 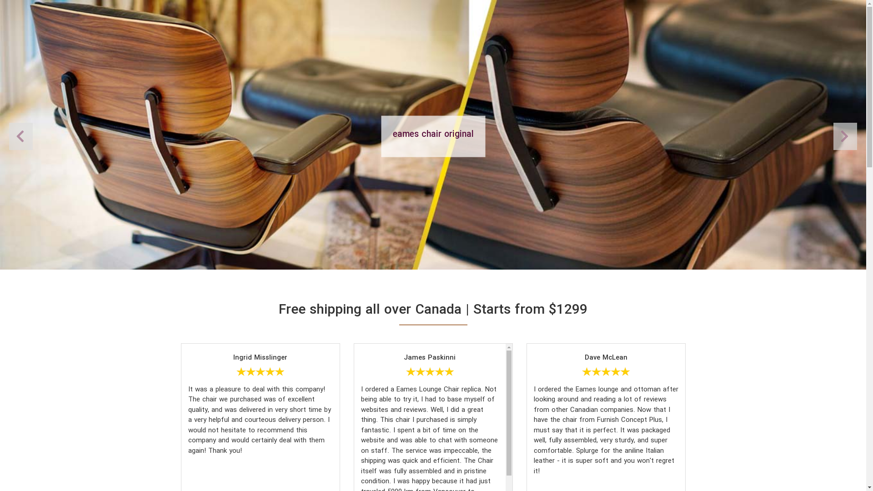 What do you see at coordinates (21, 136) in the screenshot?
I see `'Next'` at bounding box center [21, 136].